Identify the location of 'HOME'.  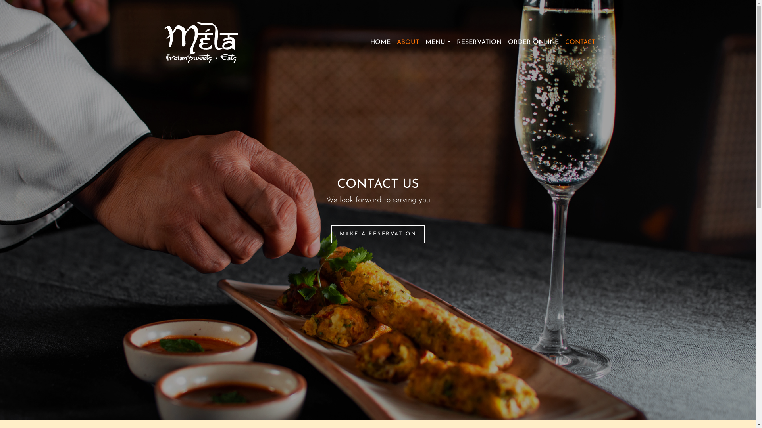
(380, 42).